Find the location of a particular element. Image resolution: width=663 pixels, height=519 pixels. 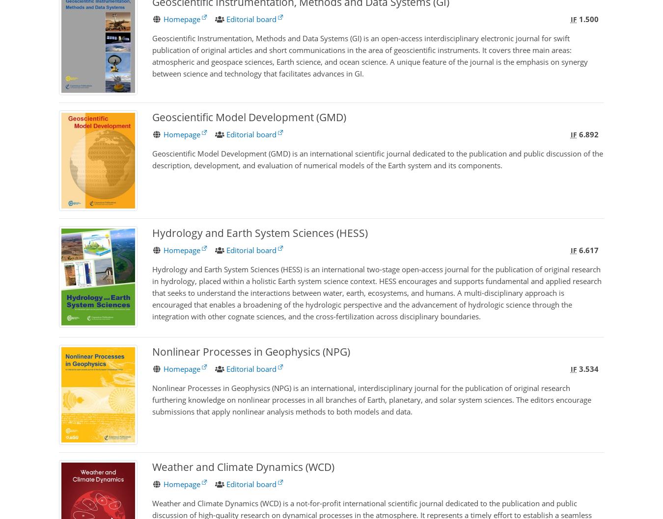

'WCD' is located at coordinates (270, 503).